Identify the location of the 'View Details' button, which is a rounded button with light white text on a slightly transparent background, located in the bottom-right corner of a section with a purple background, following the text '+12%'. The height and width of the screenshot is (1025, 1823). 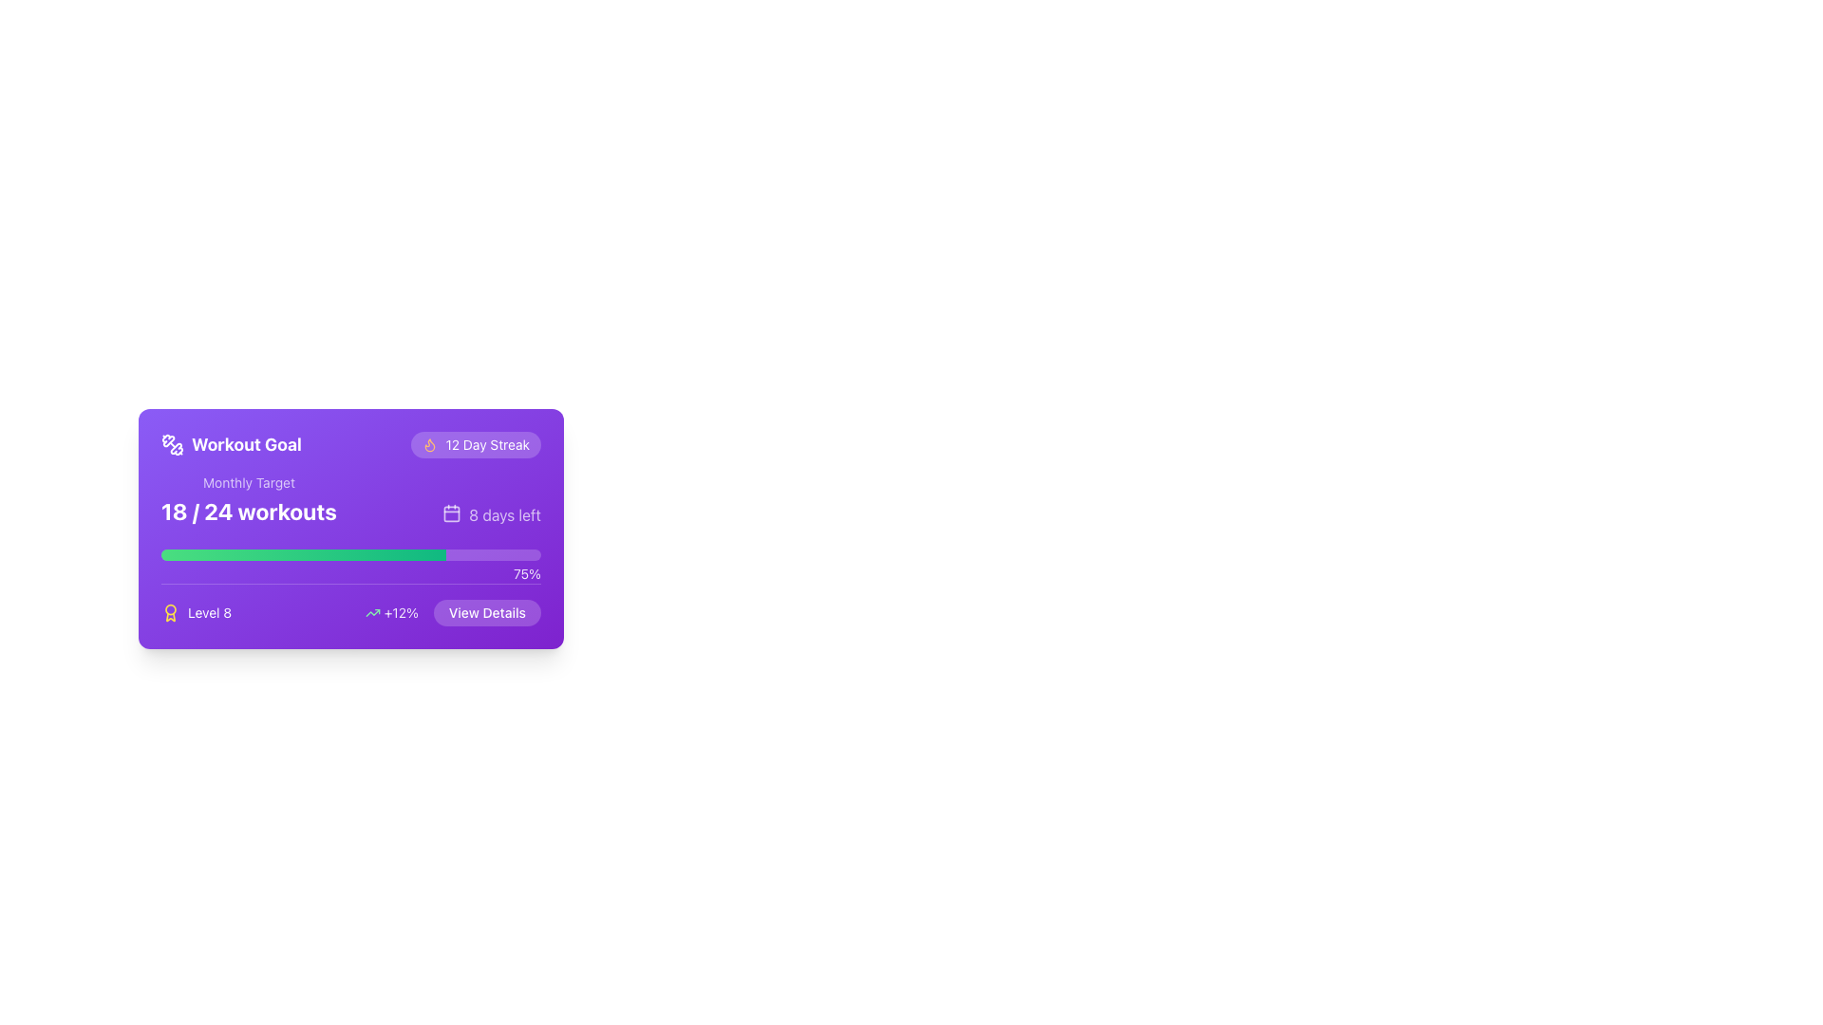
(487, 612).